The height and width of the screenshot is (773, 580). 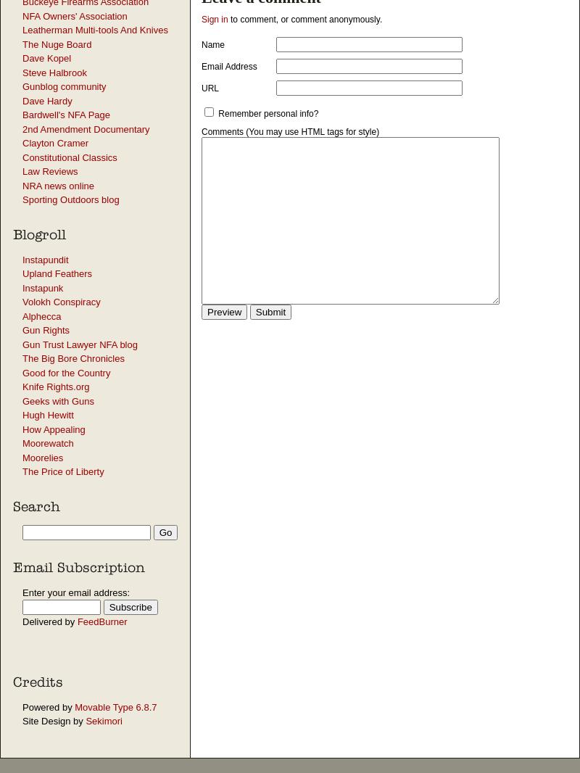 What do you see at coordinates (57, 273) in the screenshot?
I see `'Upland Feathers'` at bounding box center [57, 273].